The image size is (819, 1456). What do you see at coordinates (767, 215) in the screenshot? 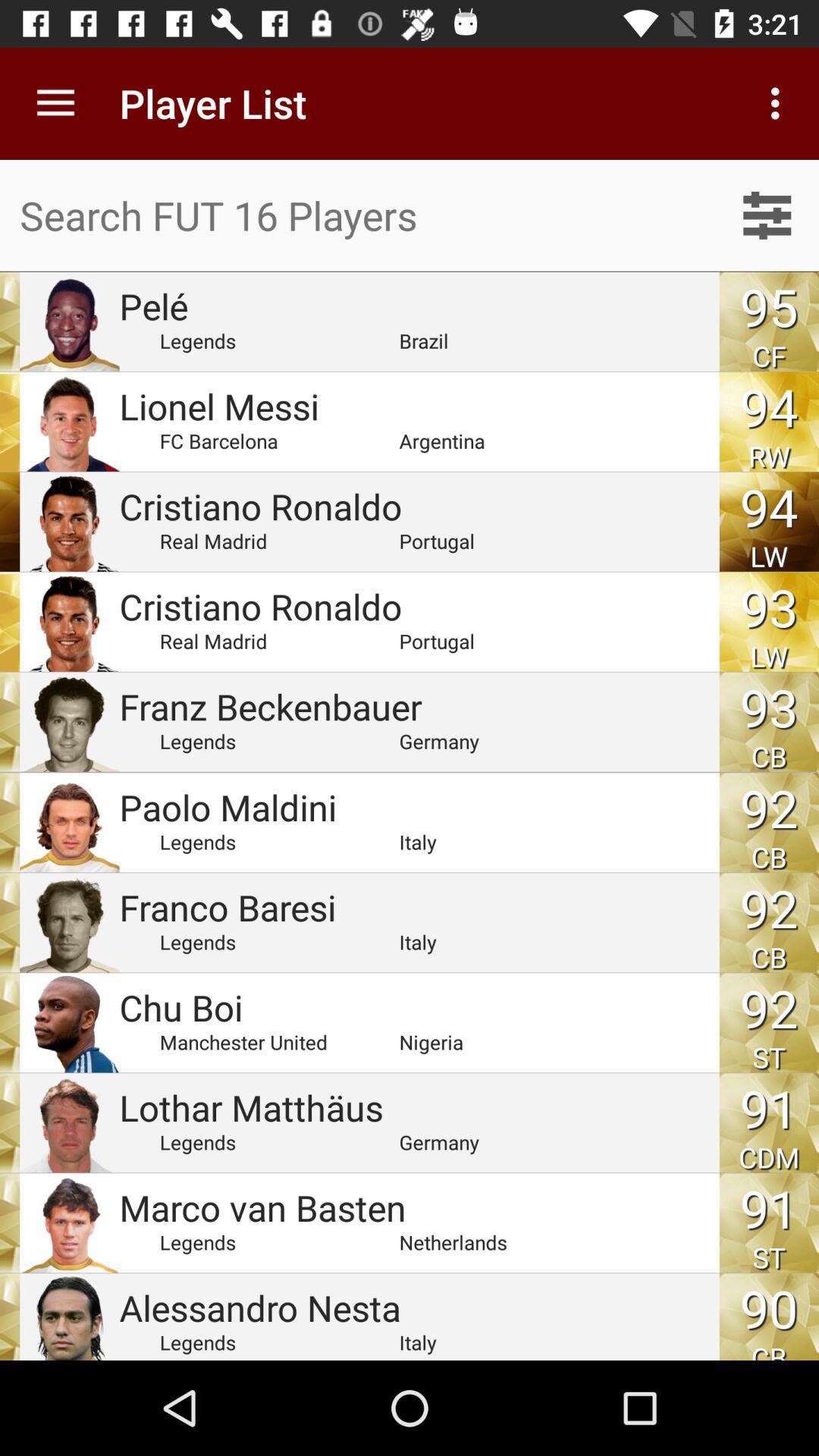
I see `settings` at bounding box center [767, 215].